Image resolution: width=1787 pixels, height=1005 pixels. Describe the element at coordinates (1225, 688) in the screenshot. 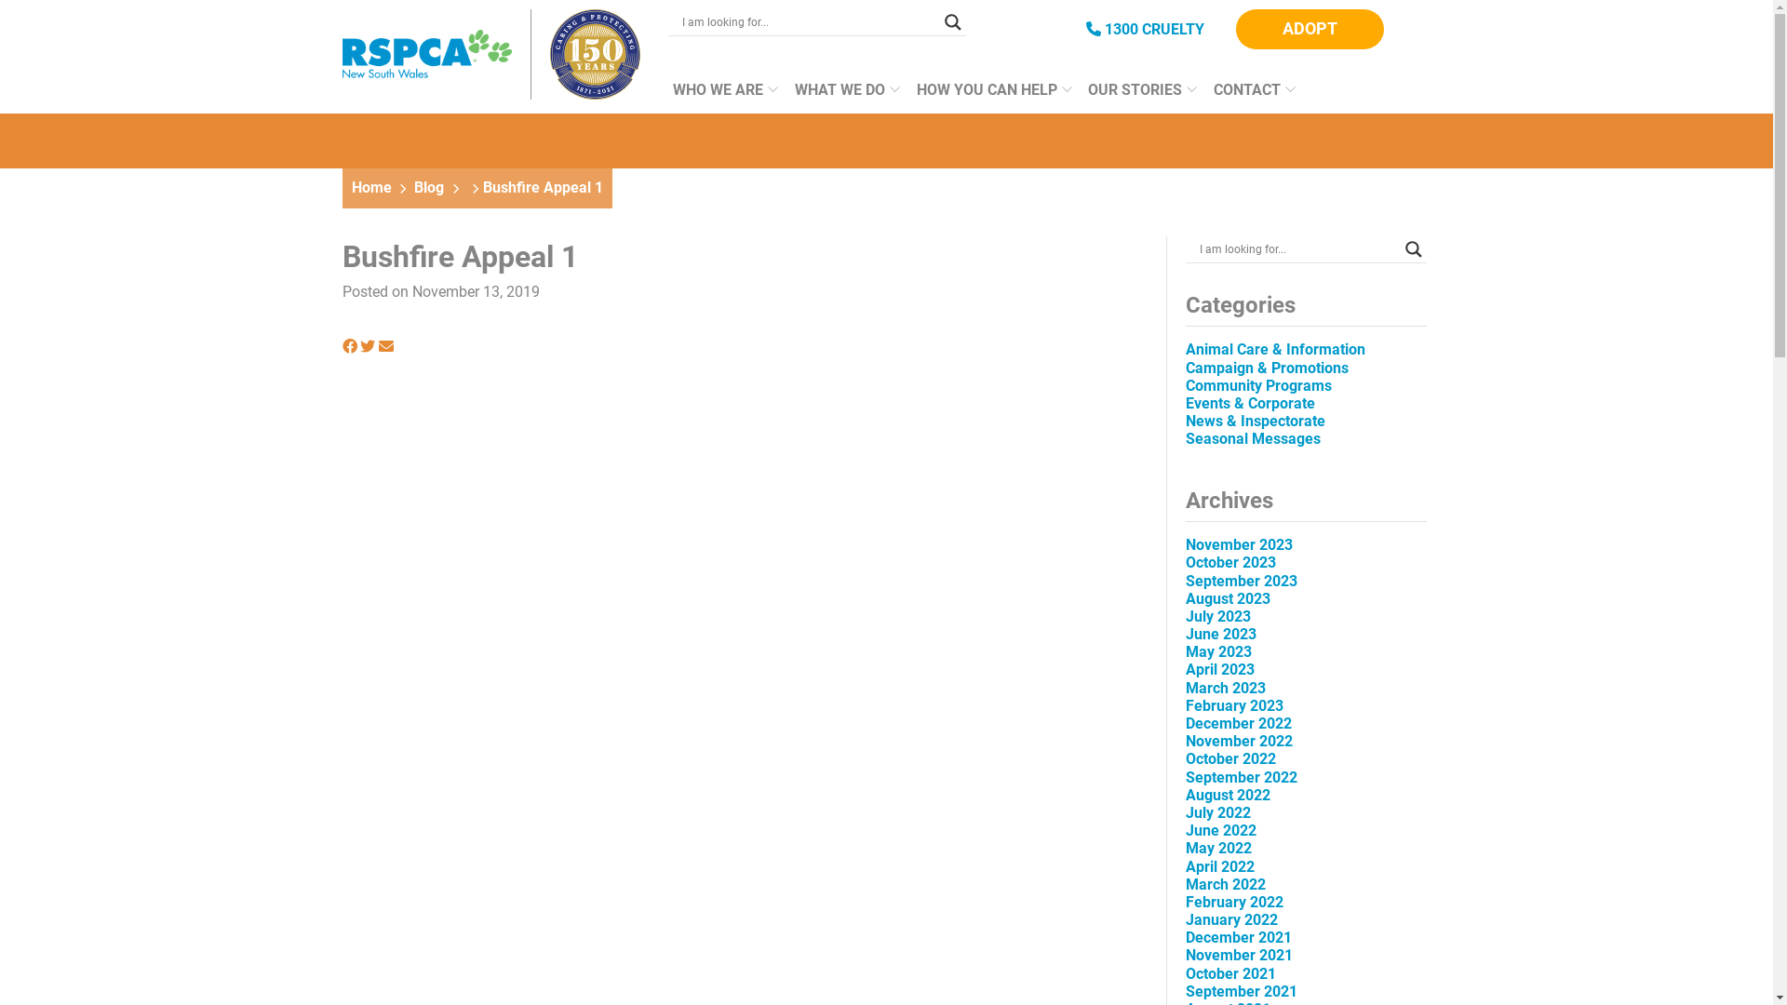

I see `'March 2023'` at that location.